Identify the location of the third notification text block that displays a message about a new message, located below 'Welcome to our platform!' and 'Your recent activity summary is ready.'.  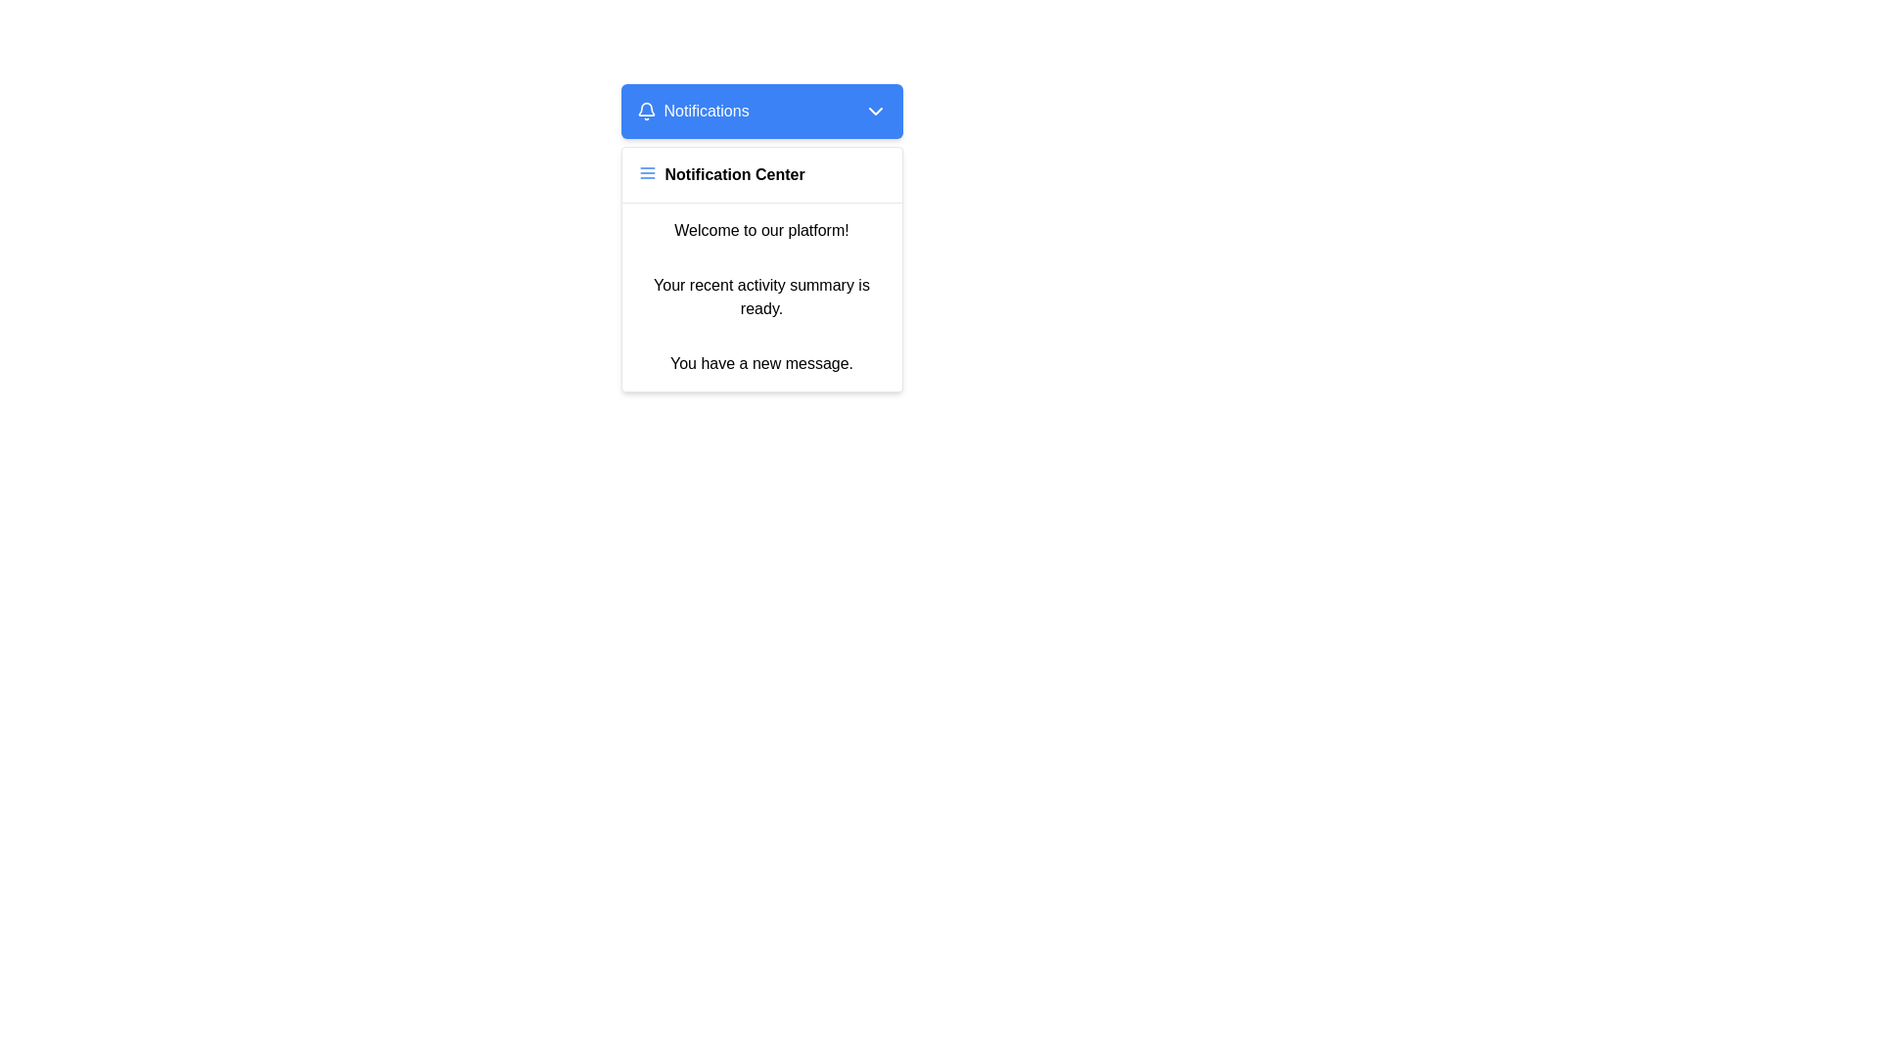
(760, 363).